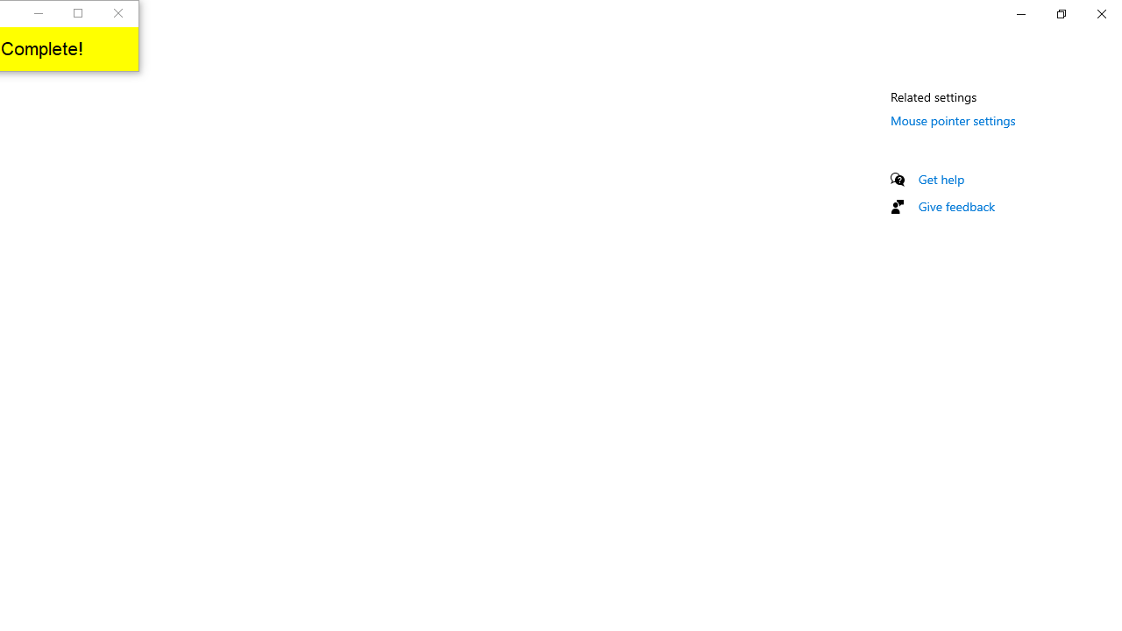  Describe the element at coordinates (941, 179) in the screenshot. I see `'Get help'` at that location.